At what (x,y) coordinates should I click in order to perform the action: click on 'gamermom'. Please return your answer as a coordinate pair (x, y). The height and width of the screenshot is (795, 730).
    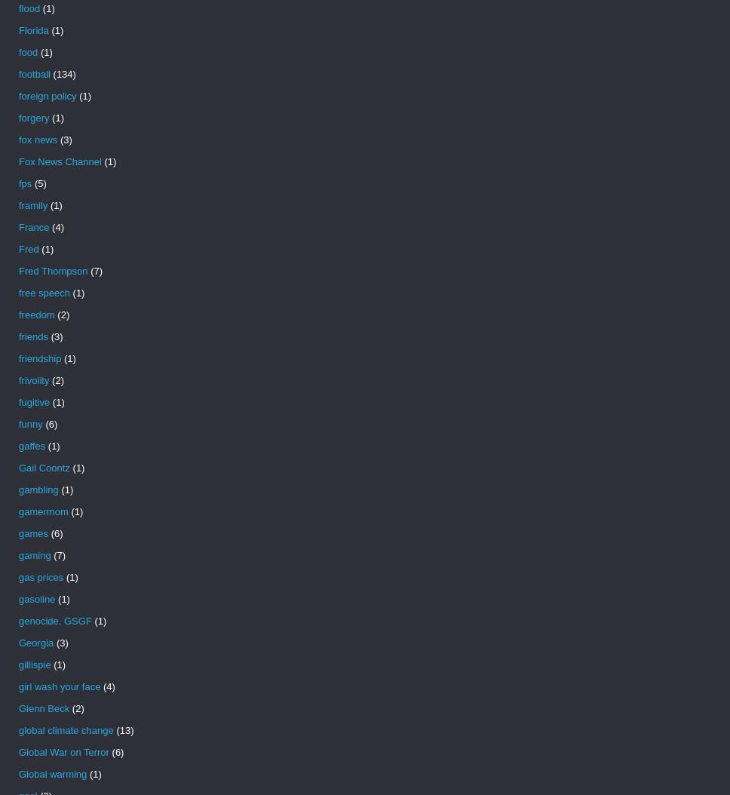
    Looking at the image, I should click on (42, 511).